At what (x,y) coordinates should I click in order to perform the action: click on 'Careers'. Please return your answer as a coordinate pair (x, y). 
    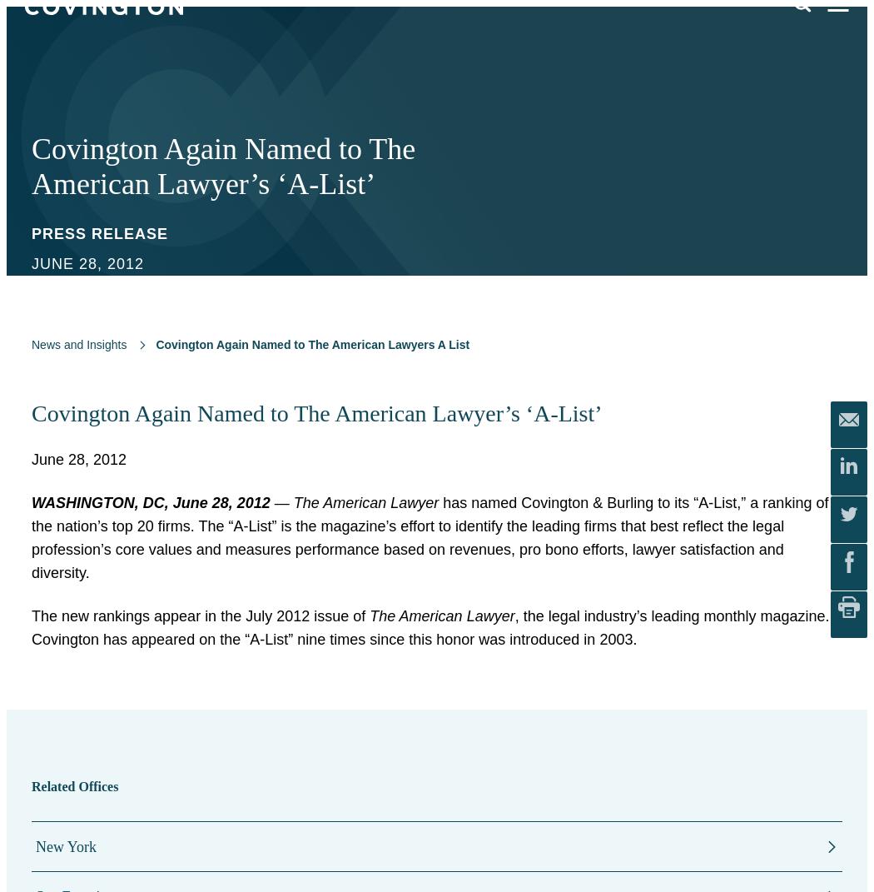
    Looking at the image, I should click on (48, 340).